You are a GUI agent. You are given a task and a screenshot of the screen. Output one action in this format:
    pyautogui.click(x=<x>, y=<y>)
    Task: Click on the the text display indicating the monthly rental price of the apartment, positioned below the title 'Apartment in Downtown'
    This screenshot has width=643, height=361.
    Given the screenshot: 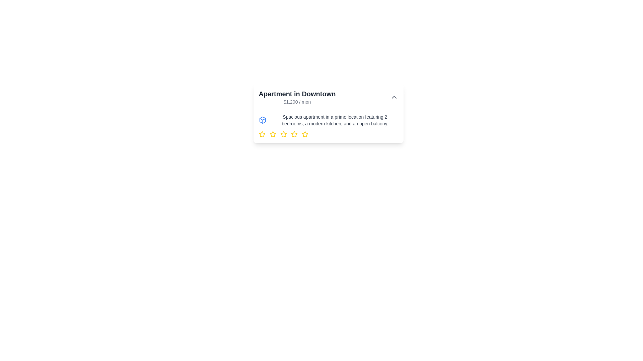 What is the action you would take?
    pyautogui.click(x=297, y=102)
    